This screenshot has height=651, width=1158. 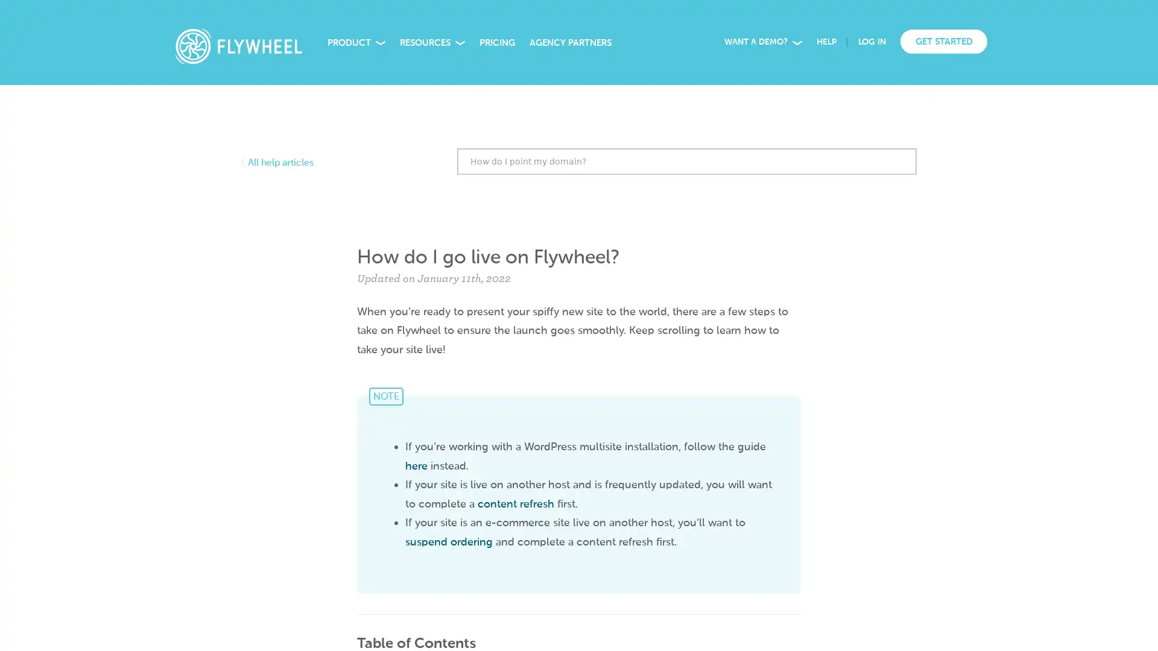 What do you see at coordinates (290, 493) in the screenshot?
I see `Close` at bounding box center [290, 493].